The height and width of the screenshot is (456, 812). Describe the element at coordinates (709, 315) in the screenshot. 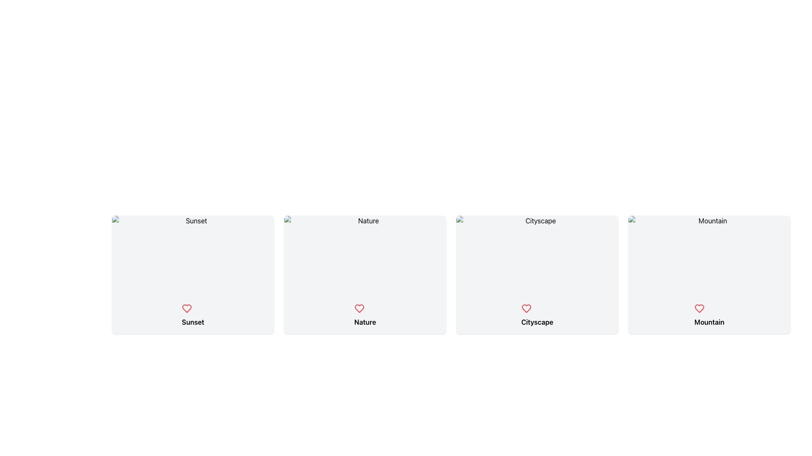

I see `the text label 'Mountain' which is located below a red heart icon in the card layout` at that location.